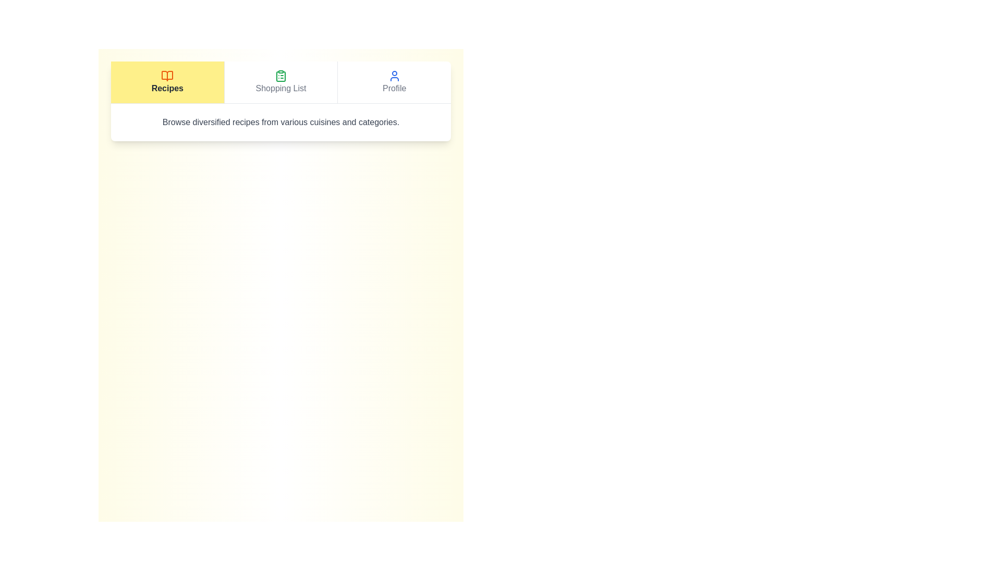  I want to click on the Recipes tab, so click(167, 82).